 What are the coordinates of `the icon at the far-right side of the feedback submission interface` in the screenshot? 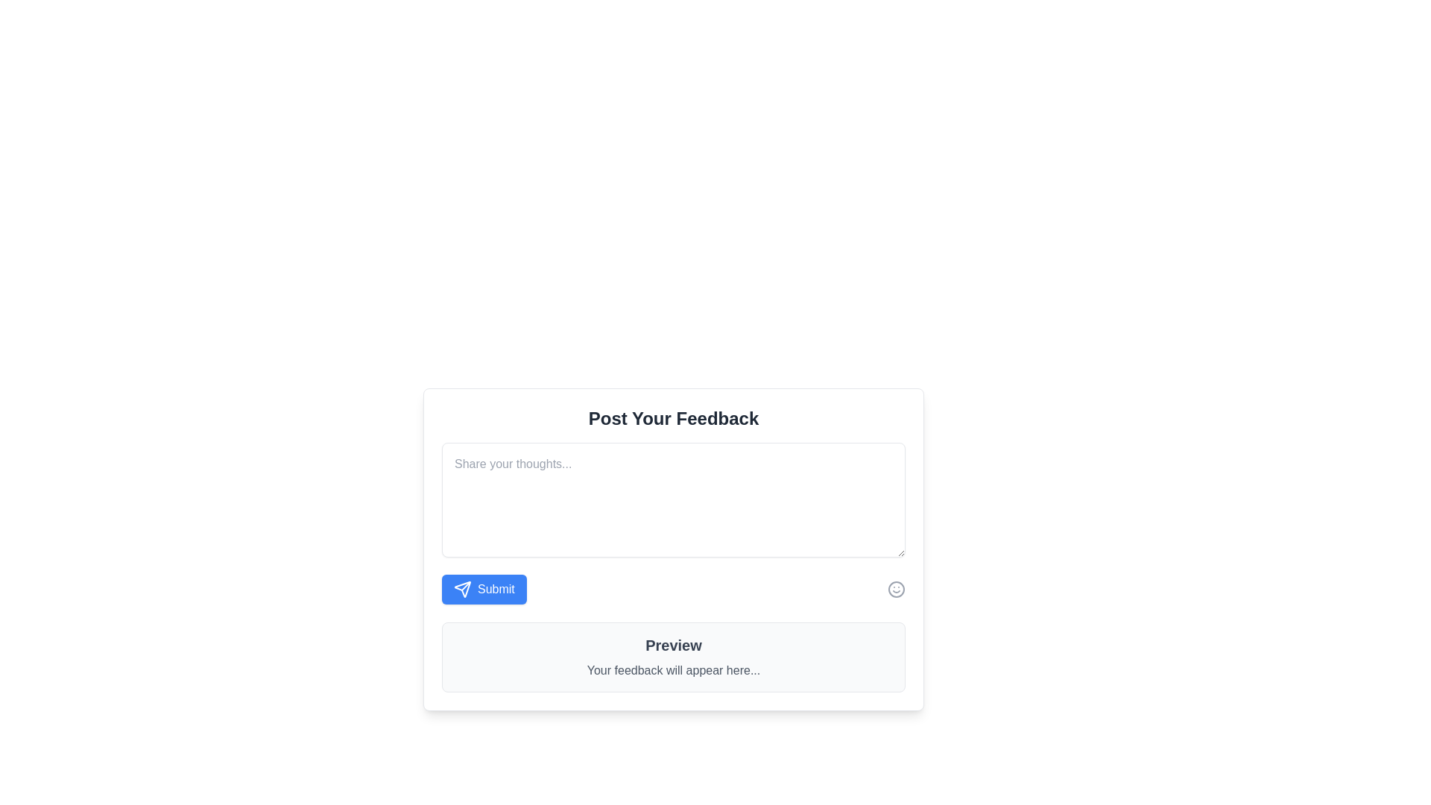 It's located at (896, 588).